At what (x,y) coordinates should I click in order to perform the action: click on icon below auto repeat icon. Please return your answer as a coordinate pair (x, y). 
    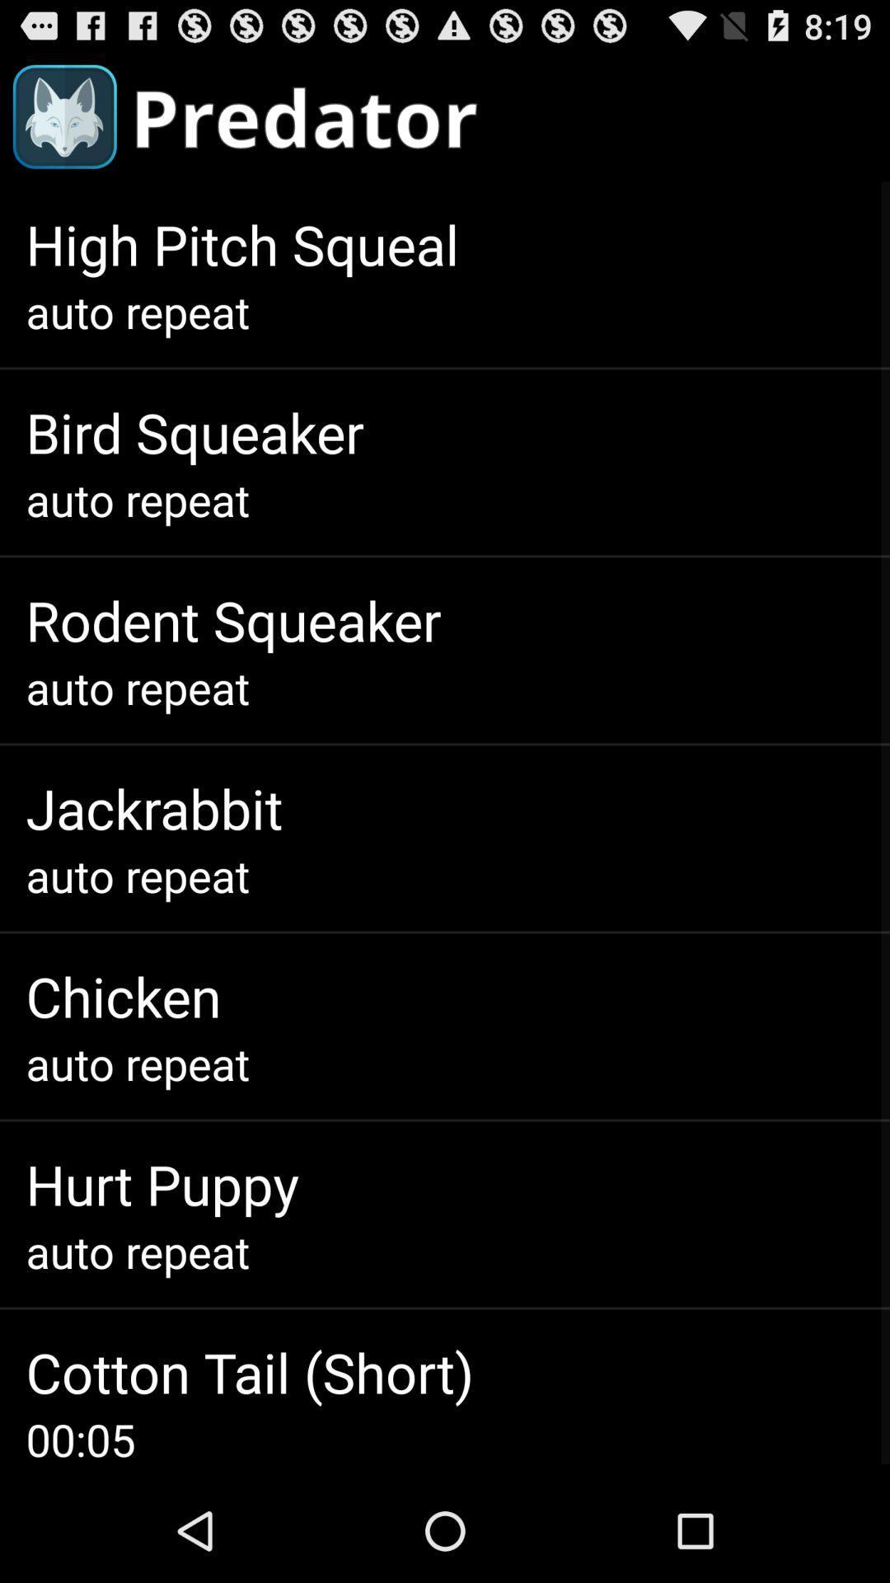
    Looking at the image, I should click on (250, 1372).